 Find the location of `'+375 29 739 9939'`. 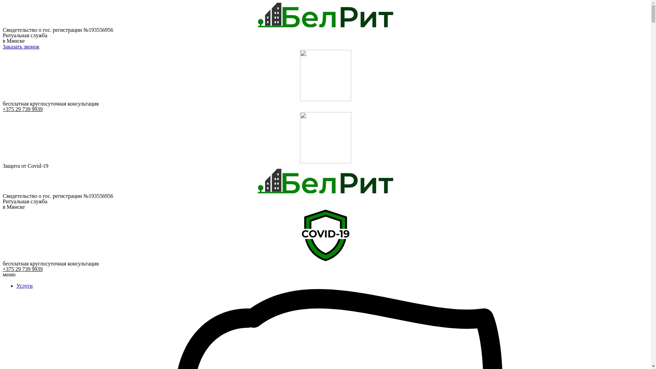

'+375 29 739 9939' is located at coordinates (23, 109).